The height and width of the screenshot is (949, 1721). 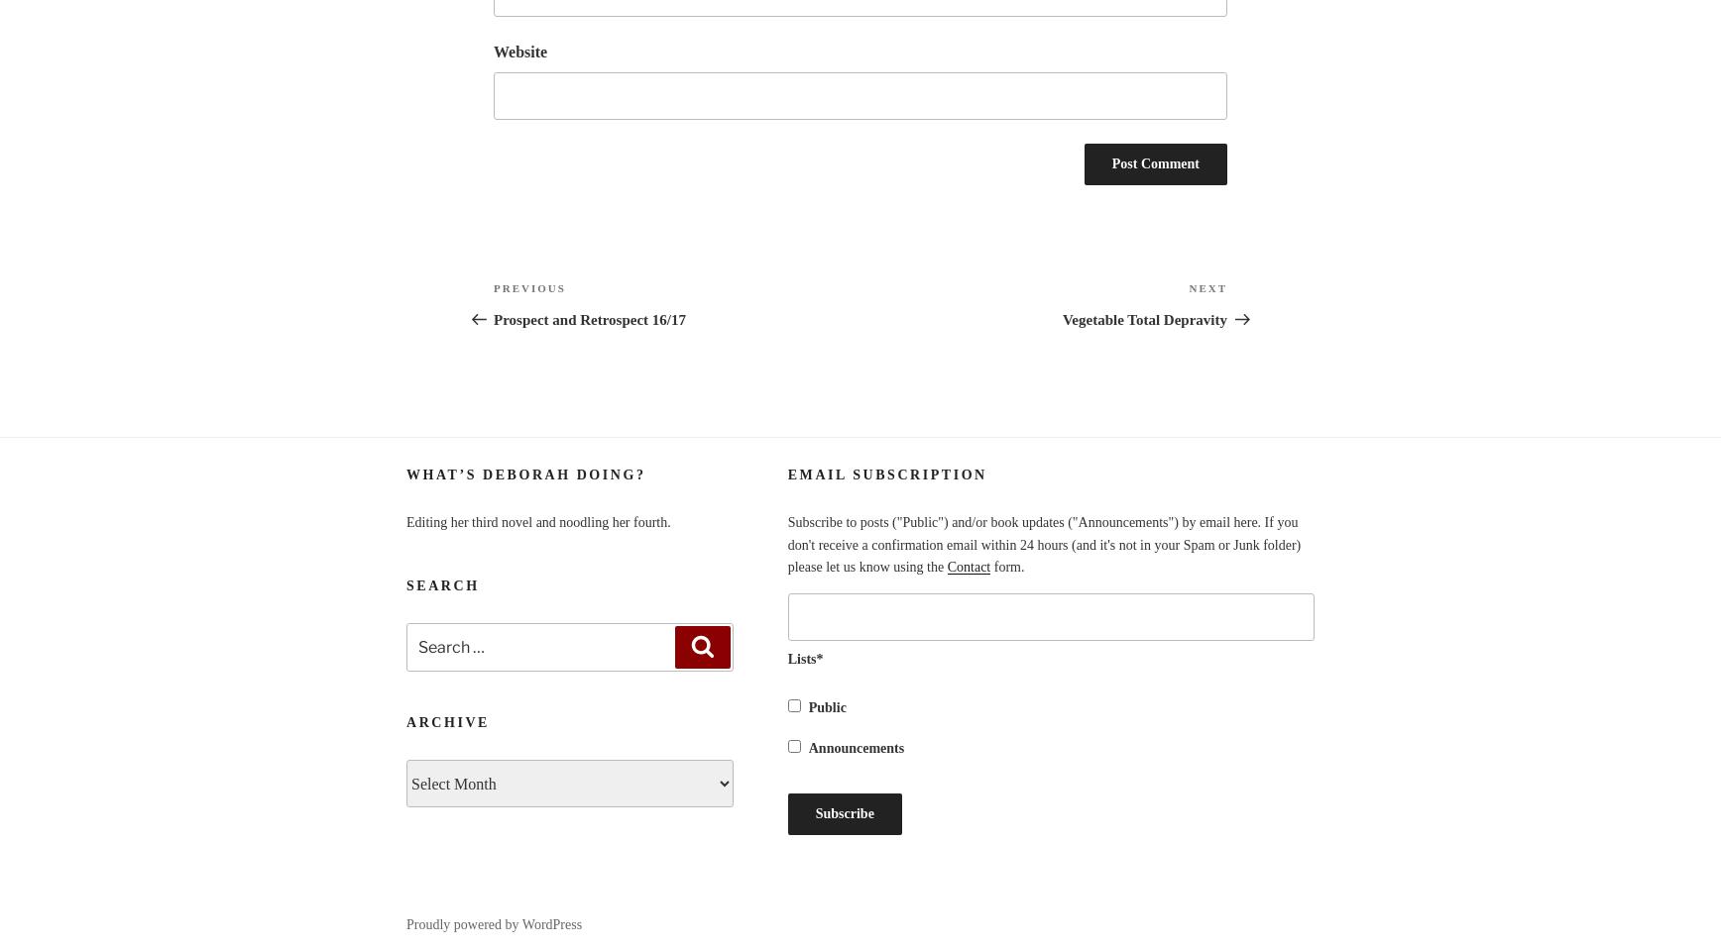 I want to click on 'Search', so click(x=442, y=584).